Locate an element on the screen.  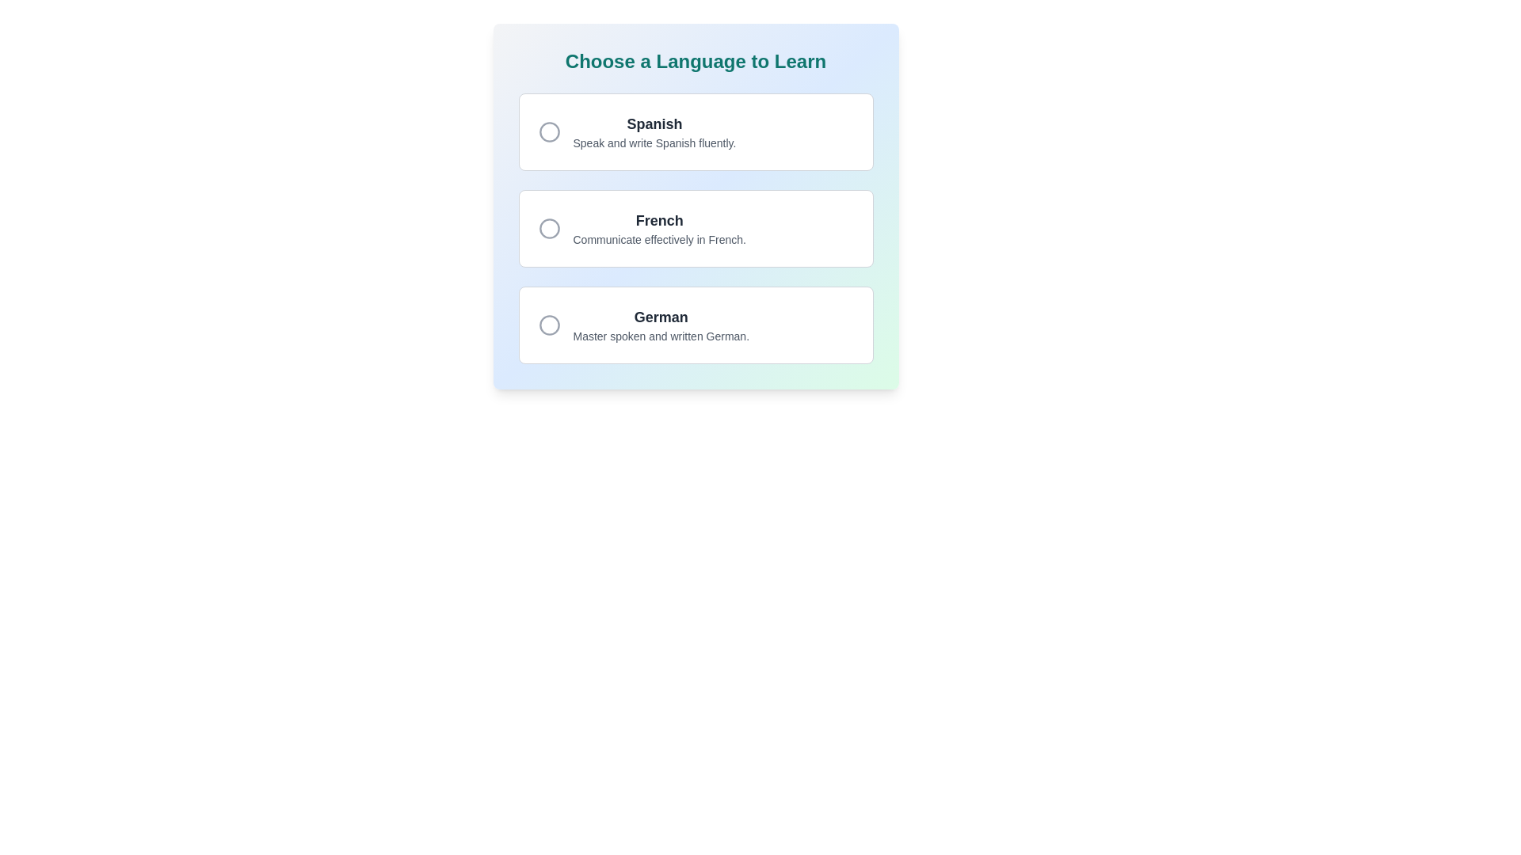
displayed text 'Spanish' and 'Speak and write Spanish fluently.' from the first Option card with a radio button, which is a rectangular card with rounded corners located at the top of the list is located at coordinates (696, 131).